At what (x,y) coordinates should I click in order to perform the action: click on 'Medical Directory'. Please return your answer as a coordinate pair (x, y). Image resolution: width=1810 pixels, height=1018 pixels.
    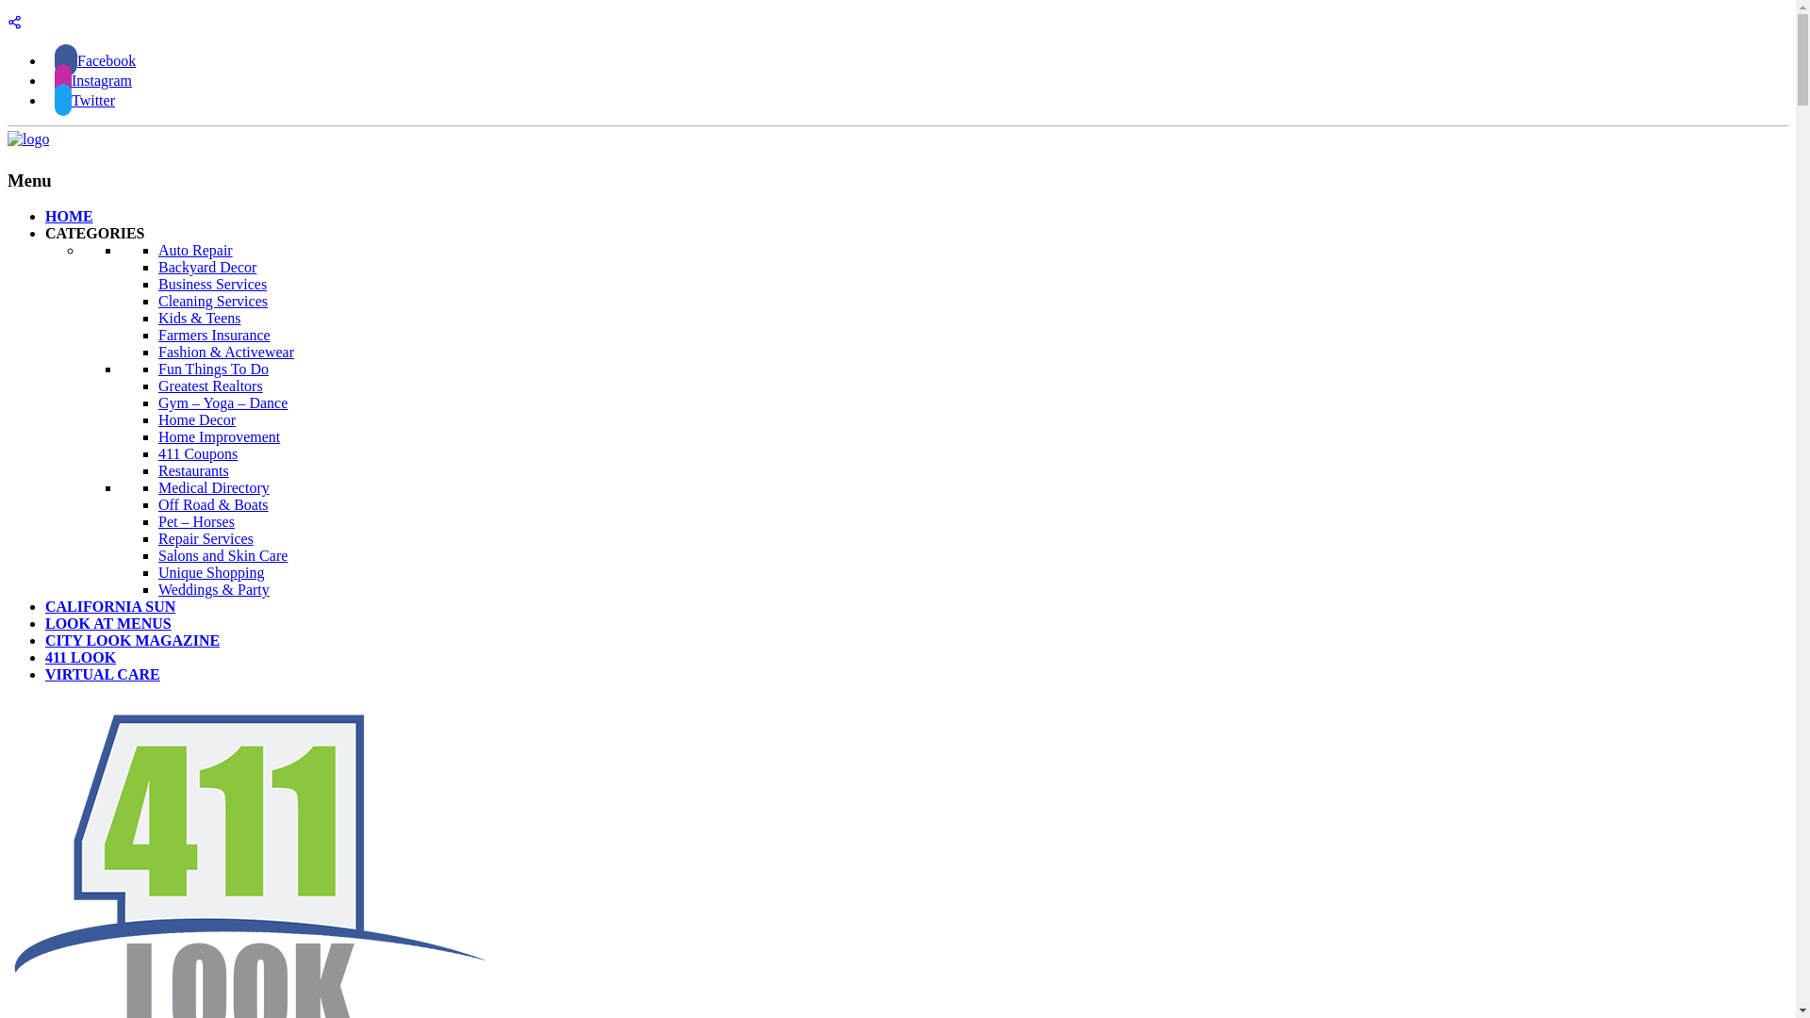
    Looking at the image, I should click on (213, 486).